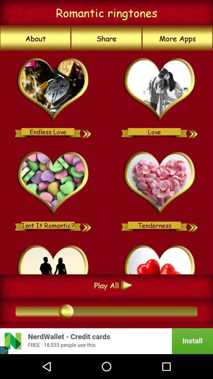 This screenshot has height=379, width=213. I want to click on tenderness ringtone, so click(193, 225).